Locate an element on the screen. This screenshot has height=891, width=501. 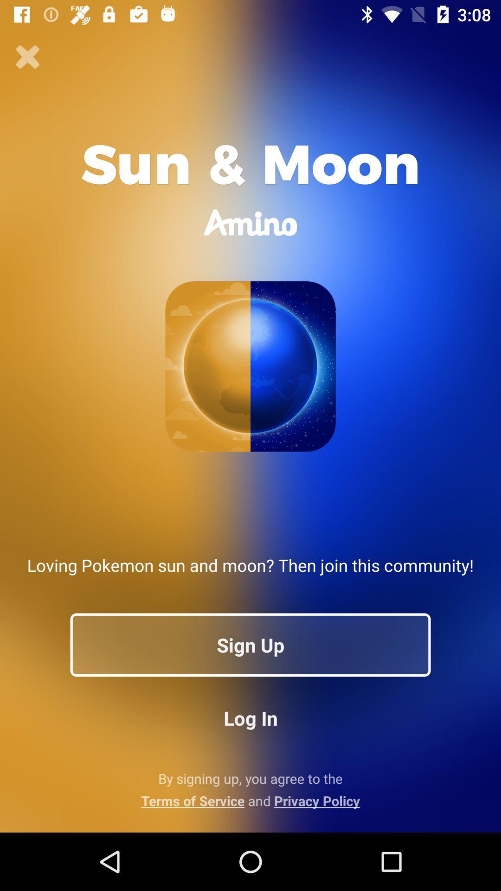
button is located at coordinates (27, 57).